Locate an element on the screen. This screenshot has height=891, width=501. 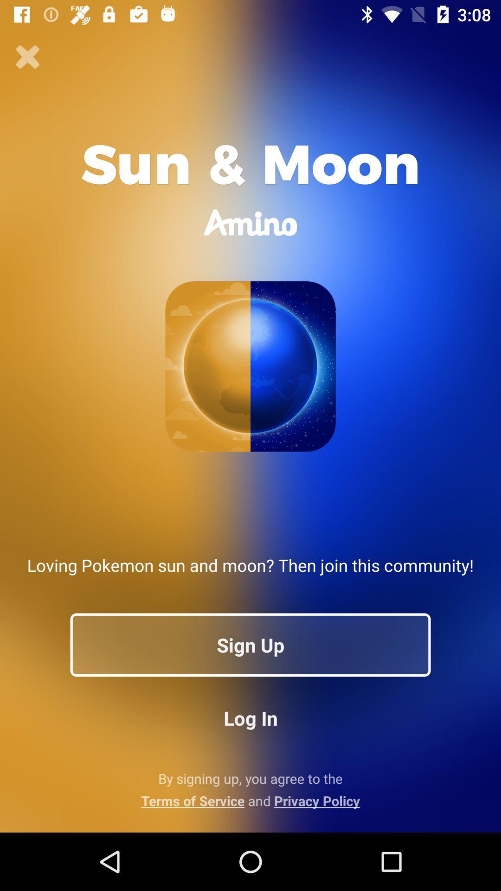
button is located at coordinates (27, 57).